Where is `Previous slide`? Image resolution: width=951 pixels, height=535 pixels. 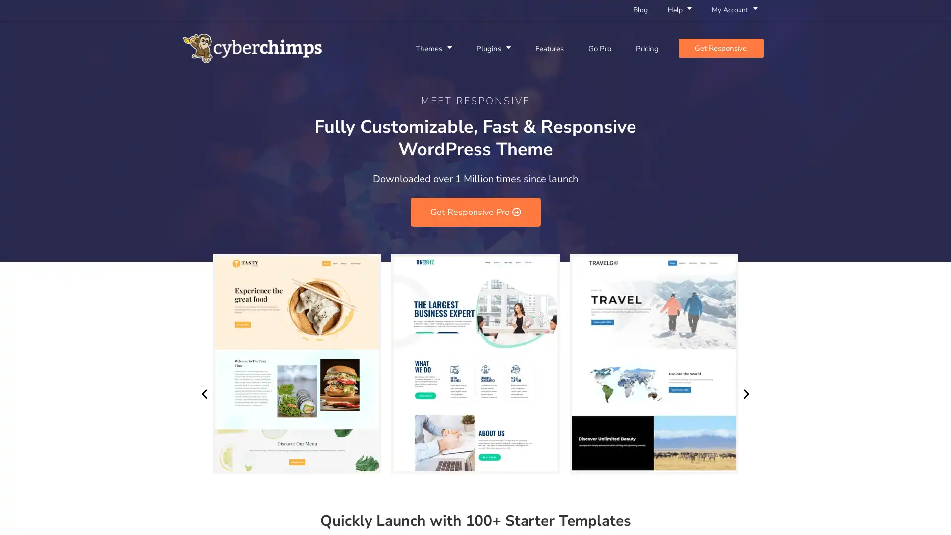 Previous slide is located at coordinates (204, 393).